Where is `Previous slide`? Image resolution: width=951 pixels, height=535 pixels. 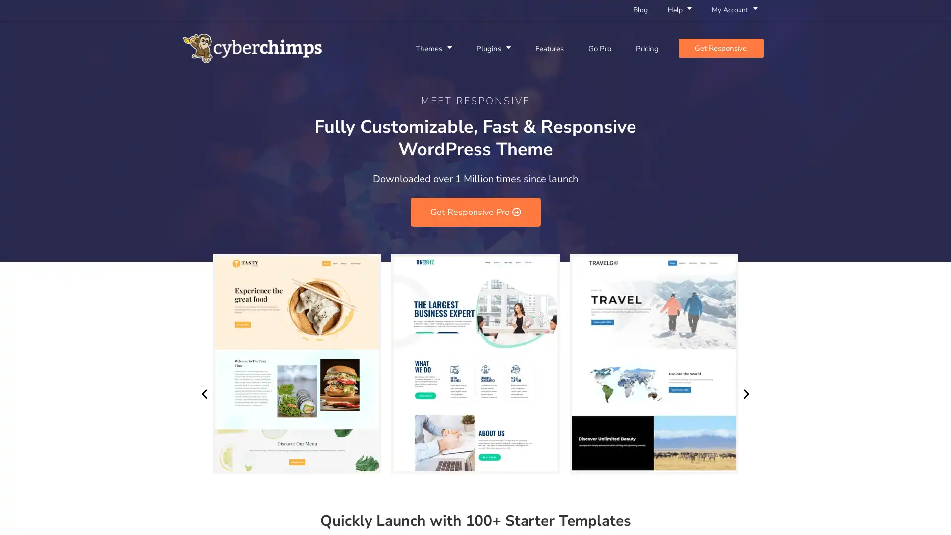 Previous slide is located at coordinates (204, 393).